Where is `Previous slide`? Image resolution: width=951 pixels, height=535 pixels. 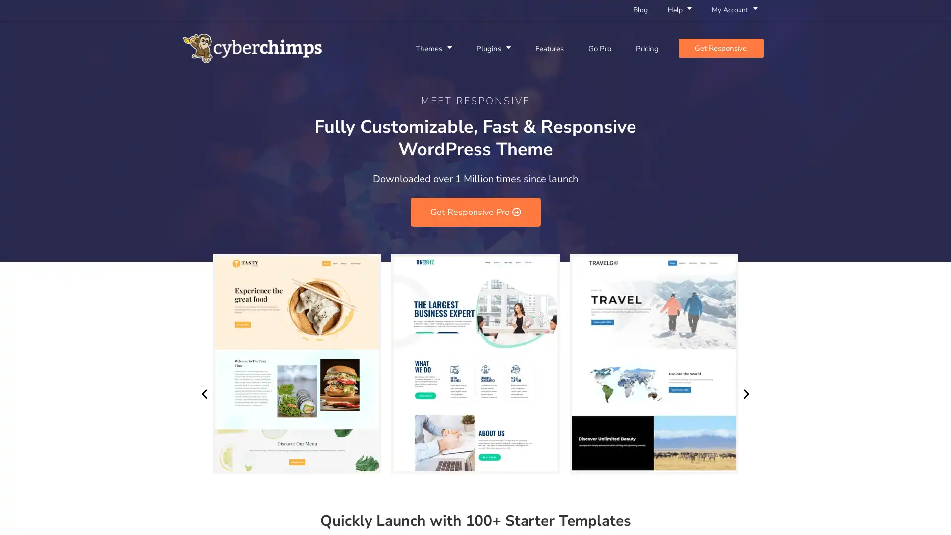 Previous slide is located at coordinates (204, 393).